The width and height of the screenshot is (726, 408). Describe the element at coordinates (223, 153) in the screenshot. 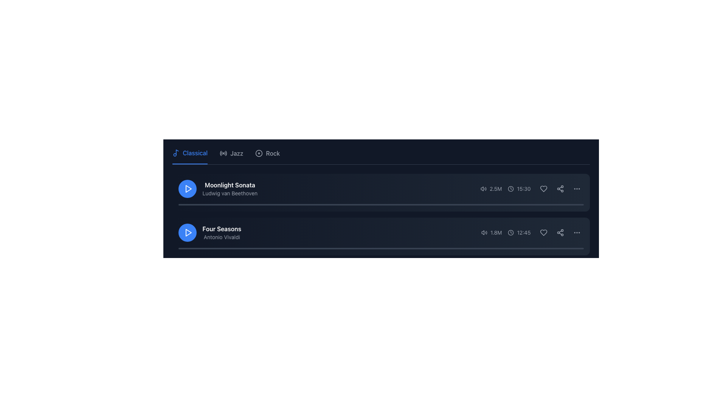

I see `the 'Jazz' category icon` at that location.